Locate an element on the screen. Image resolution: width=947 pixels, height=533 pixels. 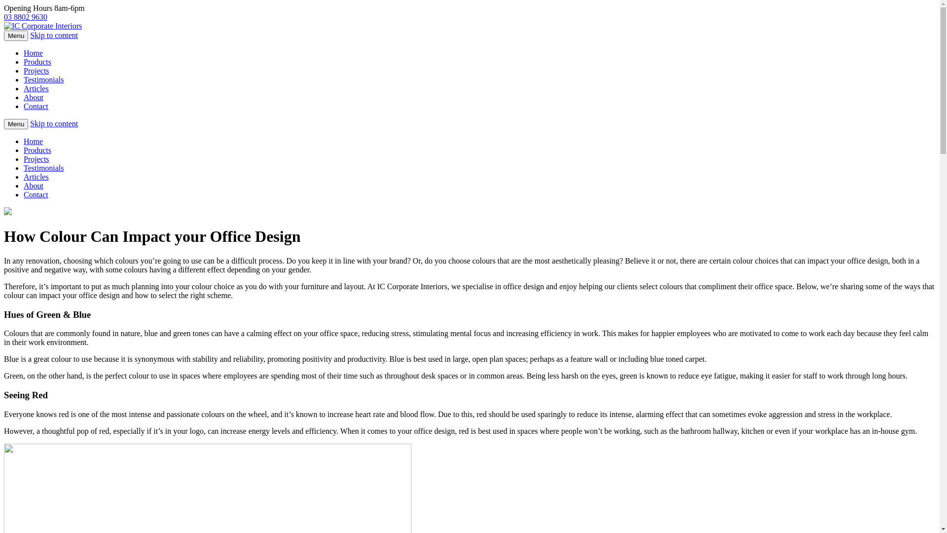
'Contact' is located at coordinates (24, 194).